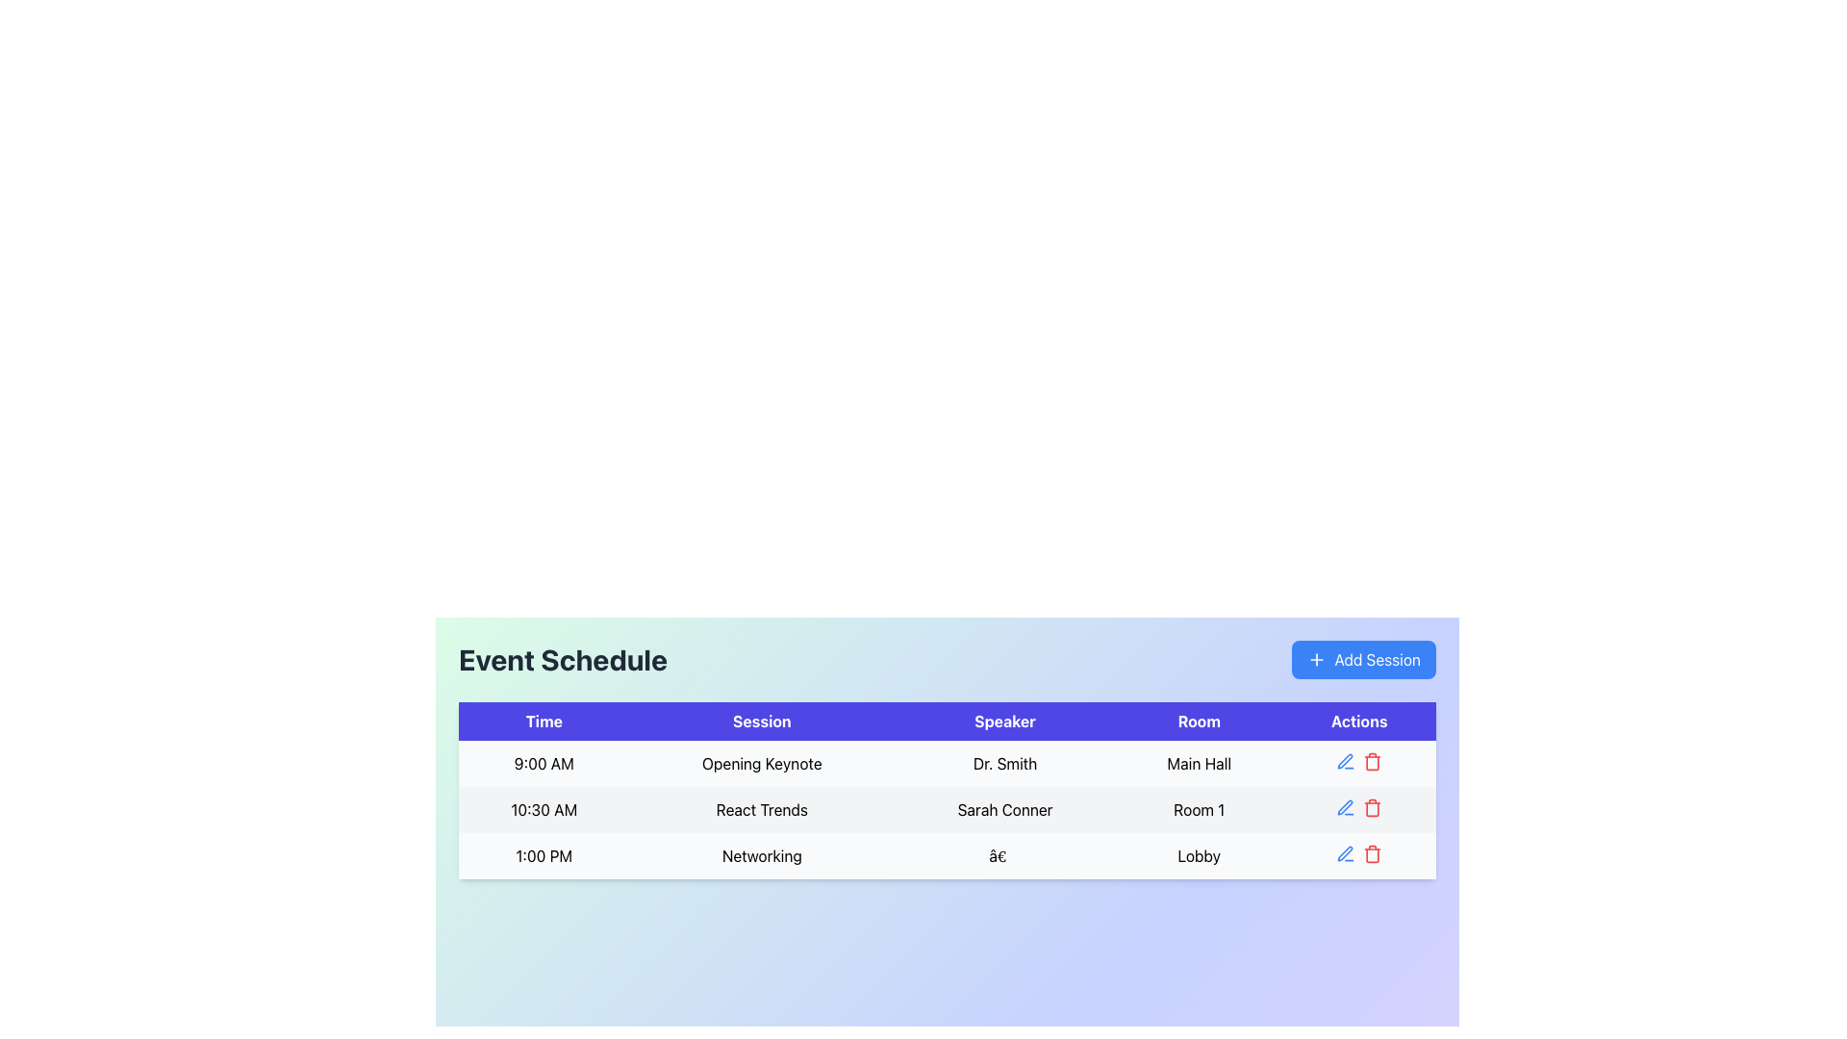 This screenshot has width=1847, height=1039. What do you see at coordinates (761, 855) in the screenshot?
I see `text from the Text Label indicating the event session titled 'Networking' occurring at 1:00 PM, located in the third row and second column of the schedule table under the 'Session' header` at bounding box center [761, 855].